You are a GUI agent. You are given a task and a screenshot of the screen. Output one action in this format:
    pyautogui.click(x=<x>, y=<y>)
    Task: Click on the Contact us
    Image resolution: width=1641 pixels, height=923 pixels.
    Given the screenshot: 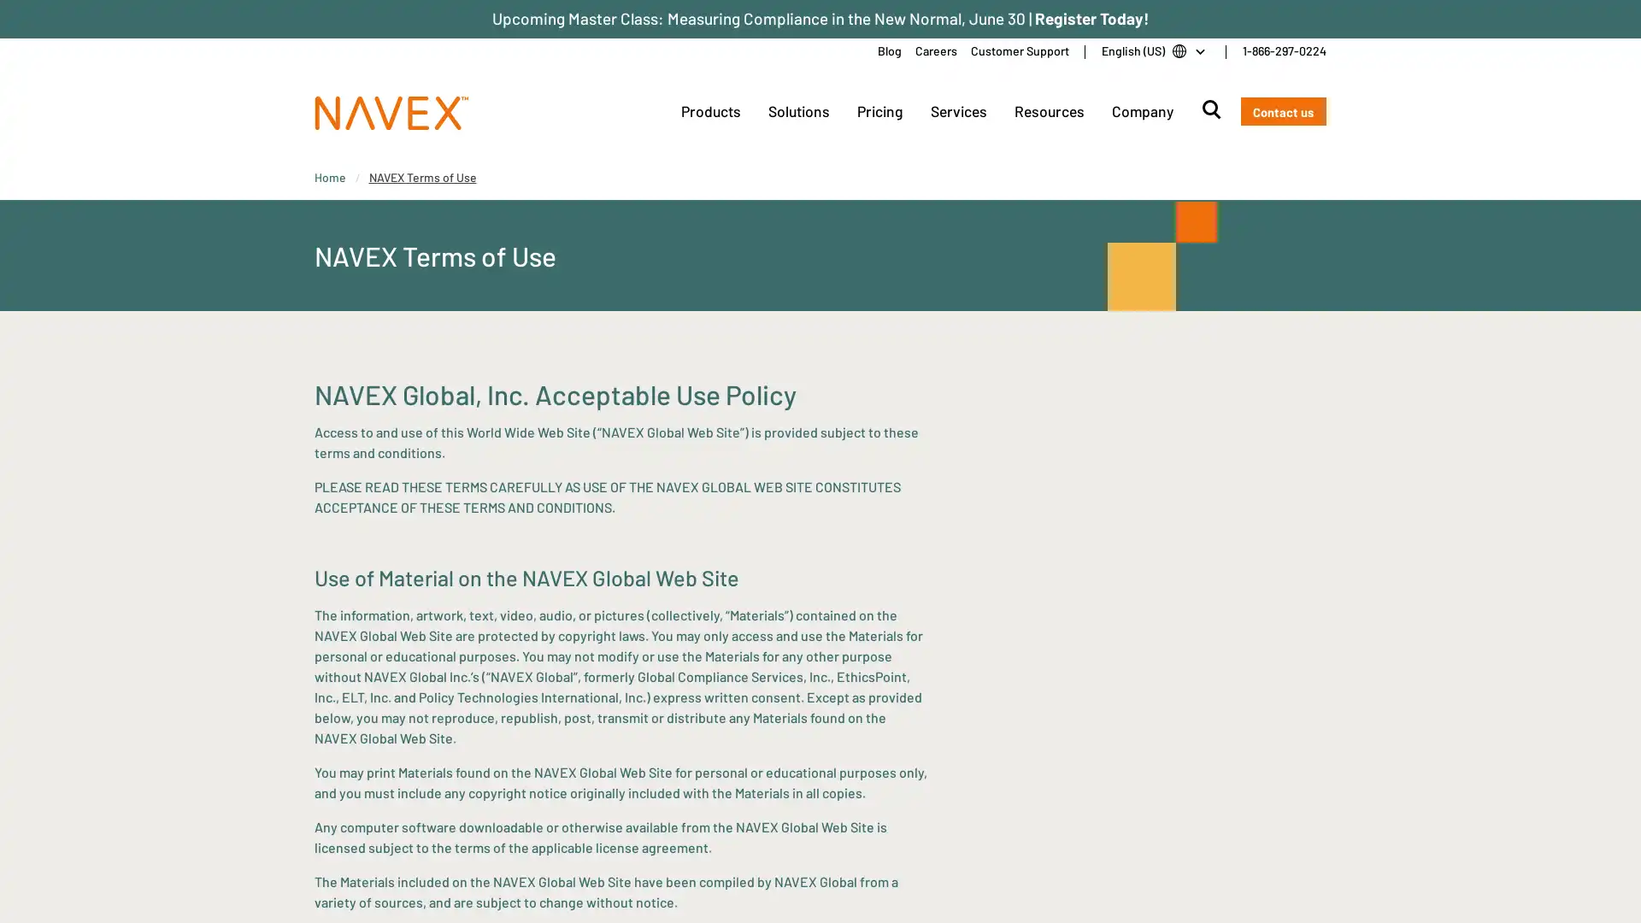 What is the action you would take?
    pyautogui.click(x=1283, y=111)
    